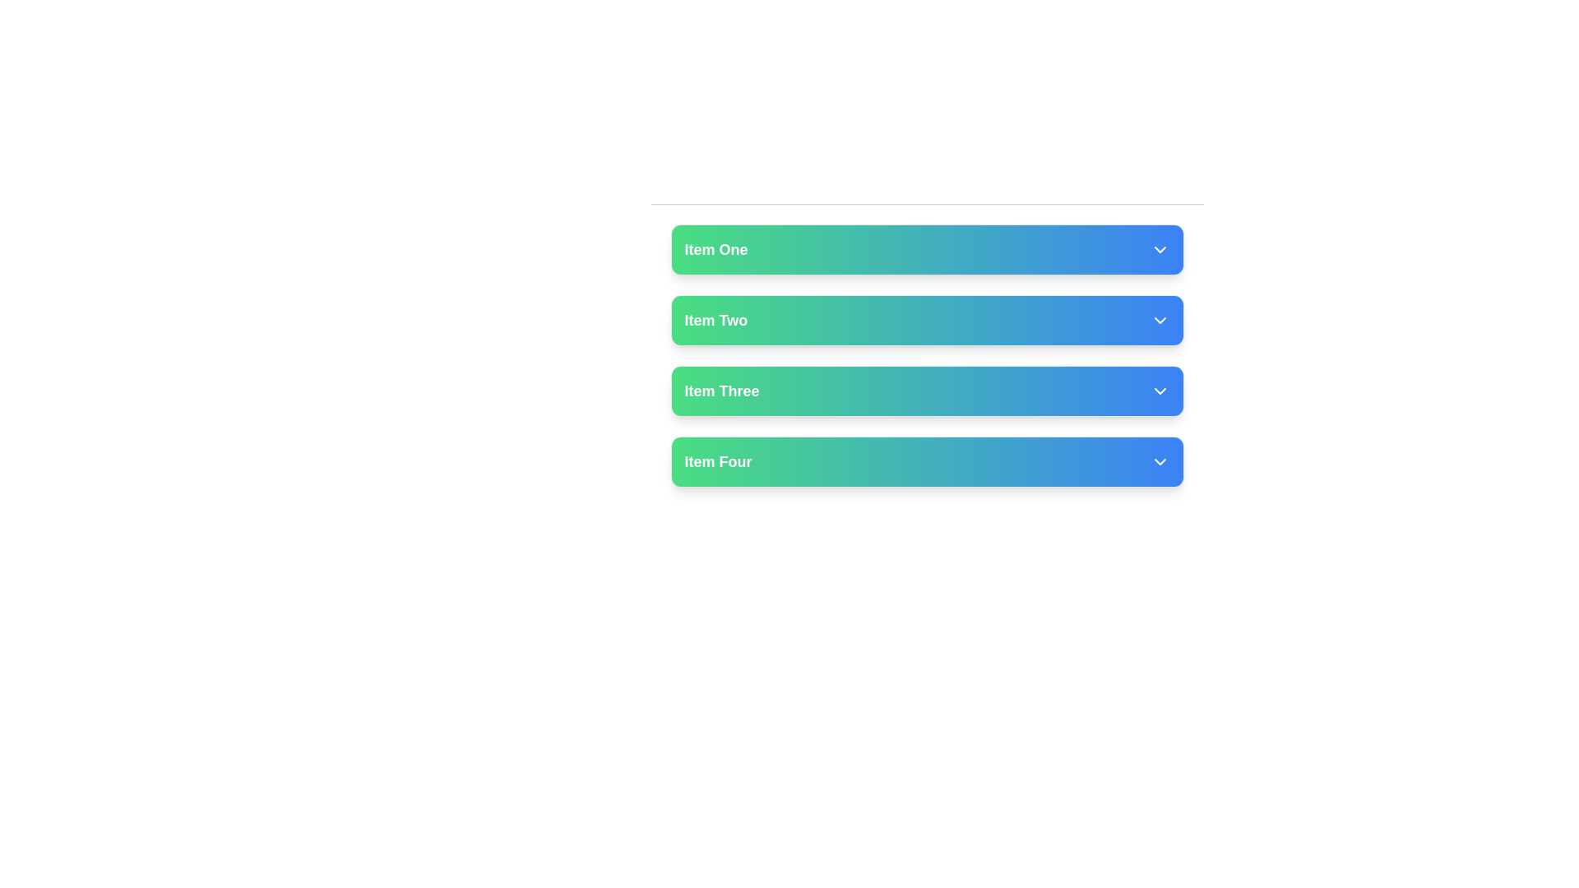 The height and width of the screenshot is (888, 1579). What do you see at coordinates (715, 320) in the screenshot?
I see `the text label 'Item Two'` at bounding box center [715, 320].